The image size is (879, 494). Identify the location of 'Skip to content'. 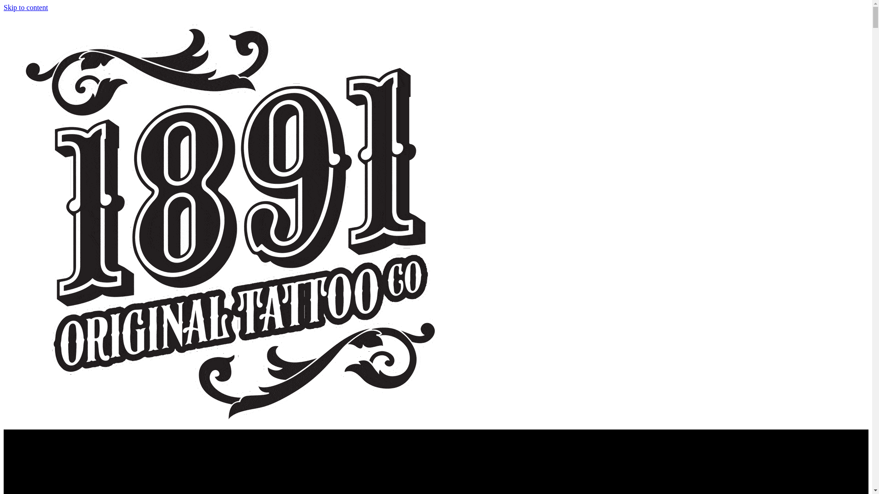
(26, 7).